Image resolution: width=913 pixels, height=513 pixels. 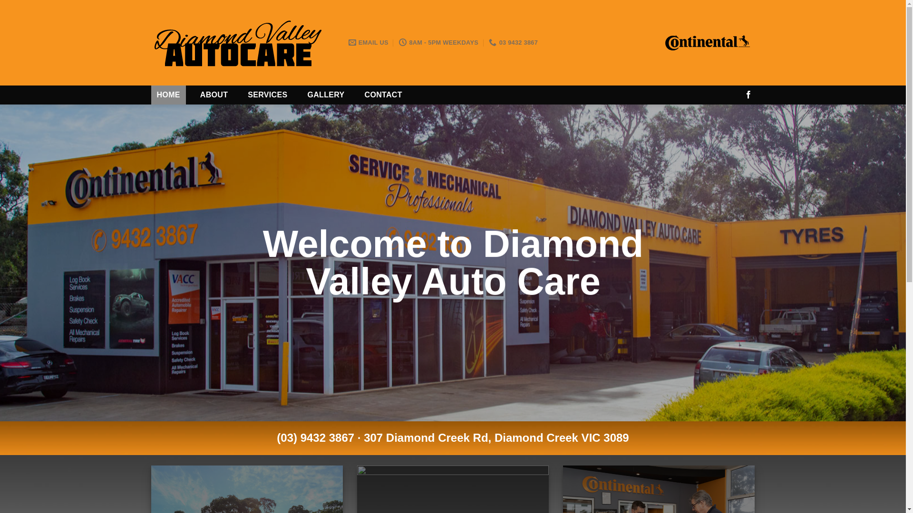 I want to click on 'ABOUT', so click(x=214, y=95).